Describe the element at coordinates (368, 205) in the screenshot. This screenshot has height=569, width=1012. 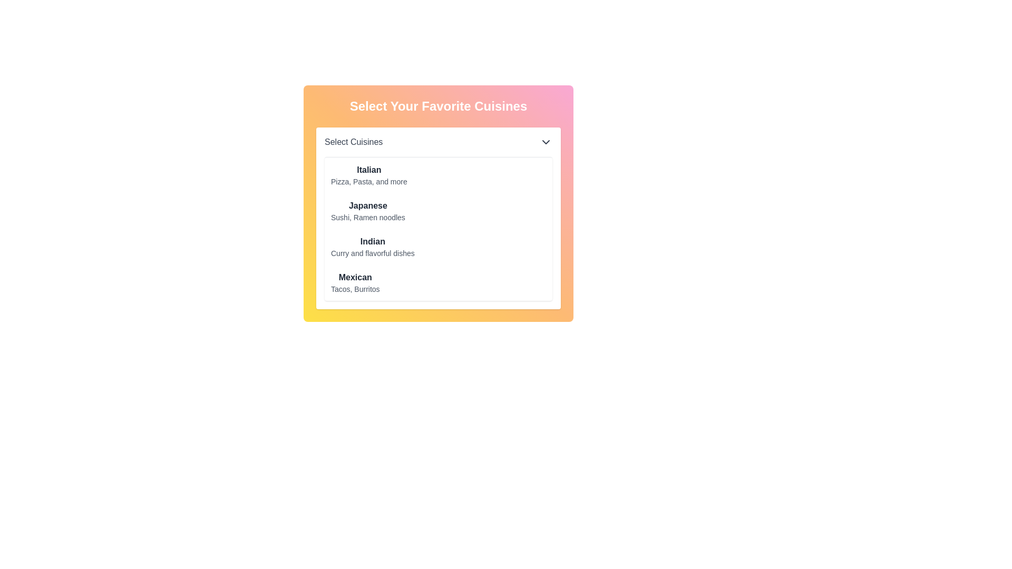
I see `text of the Label element displaying 'Japanese', which is bold and grayish-black, located under the heading 'Select Cuisines'` at that location.